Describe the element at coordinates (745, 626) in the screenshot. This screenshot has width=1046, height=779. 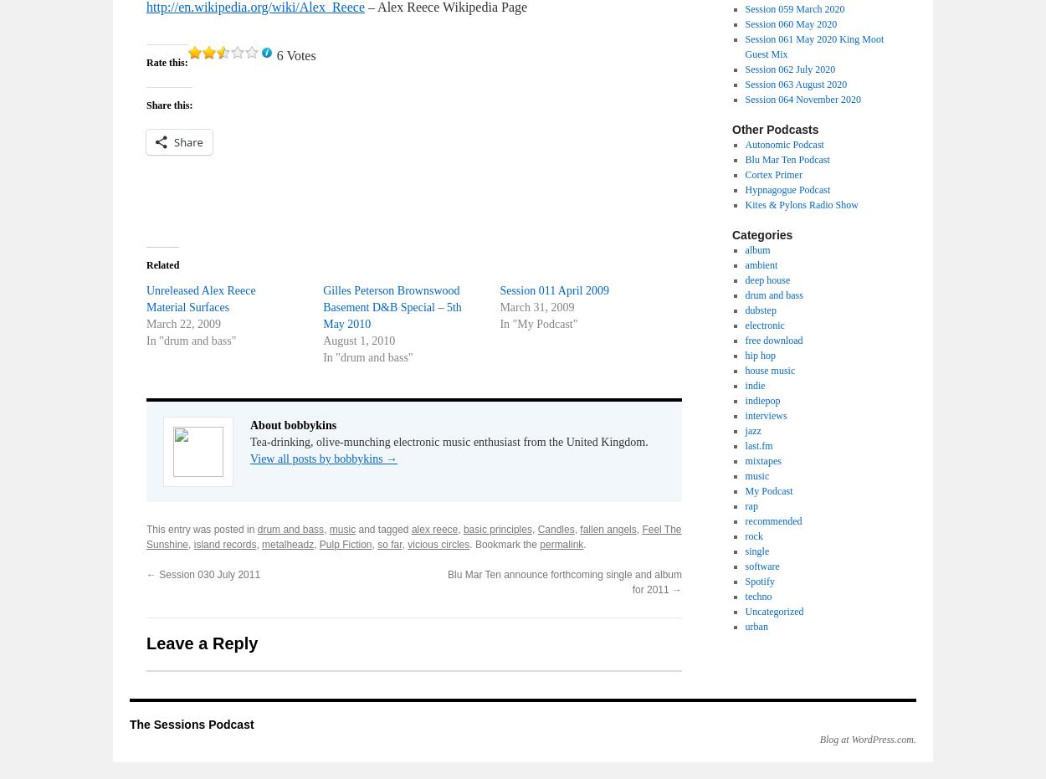
I see `'urban'` at that location.